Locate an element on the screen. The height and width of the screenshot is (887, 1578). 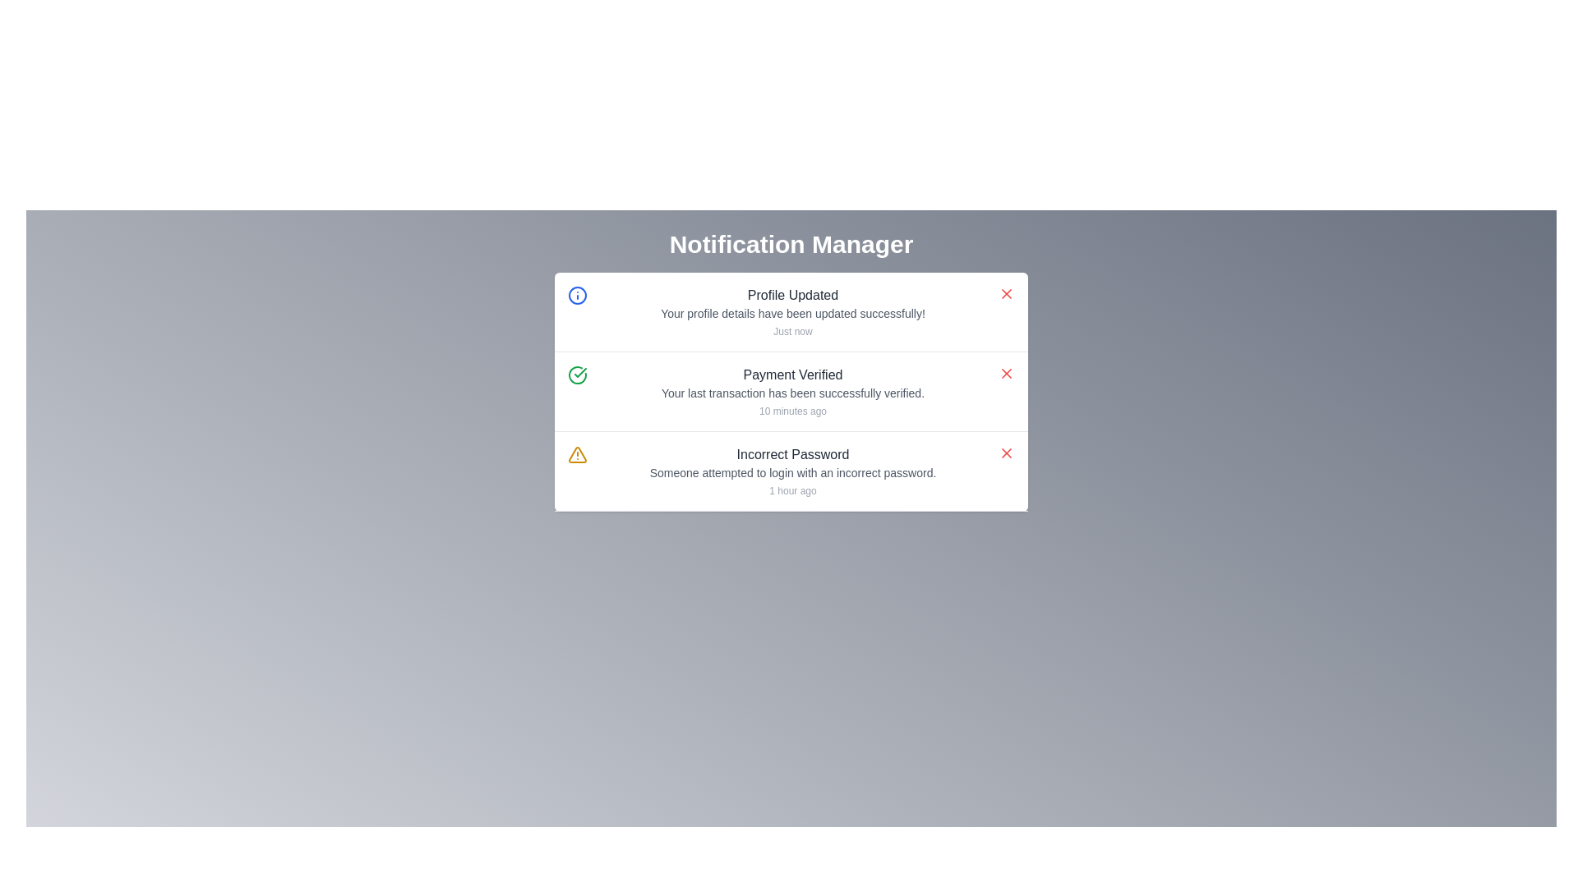
the timestamp text label that indicates when the associated notification was generated or last updated, positioned centrally within the notification card section of the interface is located at coordinates (792, 489).